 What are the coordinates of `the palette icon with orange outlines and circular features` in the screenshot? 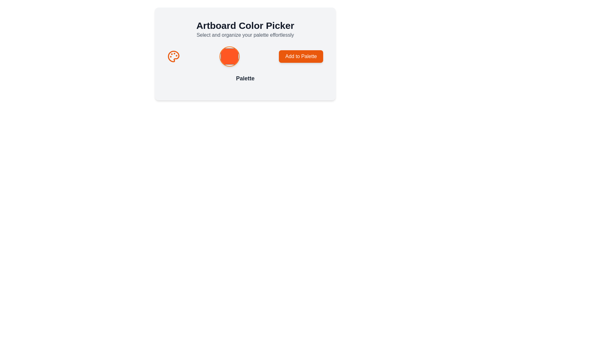 It's located at (173, 56).